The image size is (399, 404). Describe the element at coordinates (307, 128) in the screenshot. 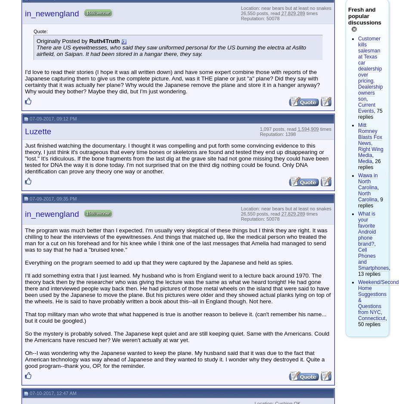

I see `'1,594,909'` at that location.